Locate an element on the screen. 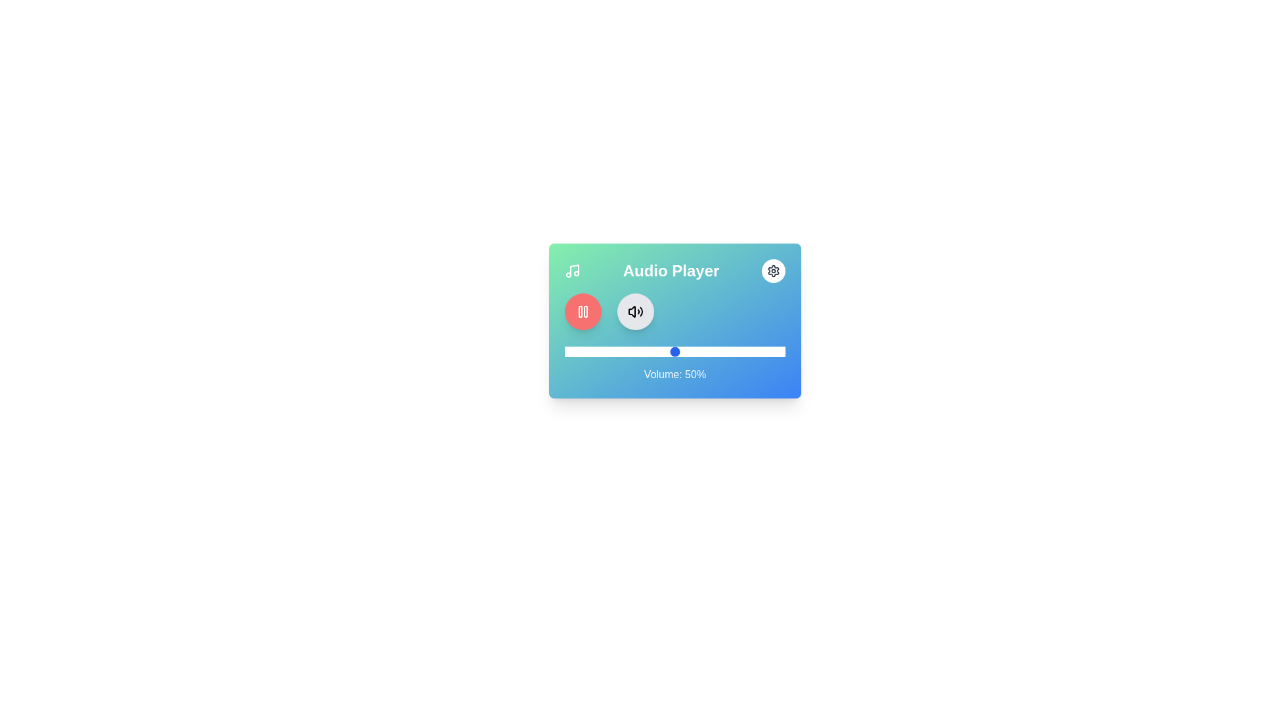  the audio player's volume is located at coordinates (732, 351).